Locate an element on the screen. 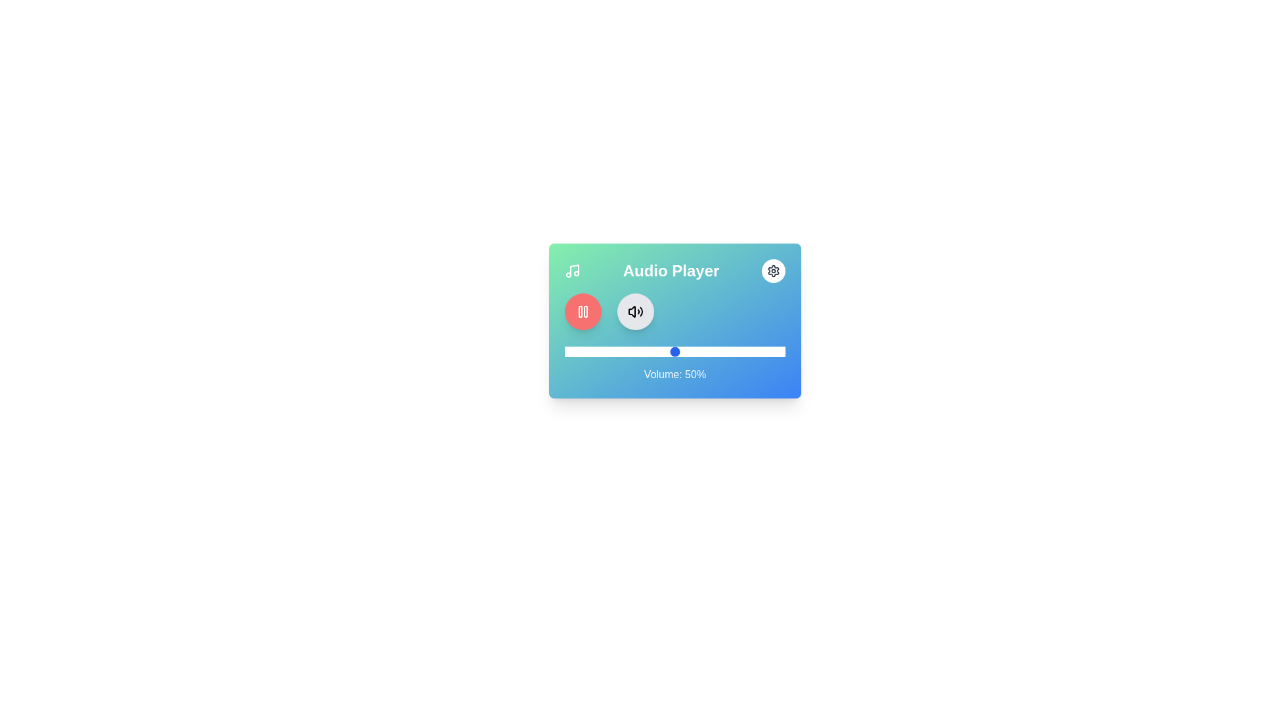  the audio player's volume is located at coordinates (732, 351).